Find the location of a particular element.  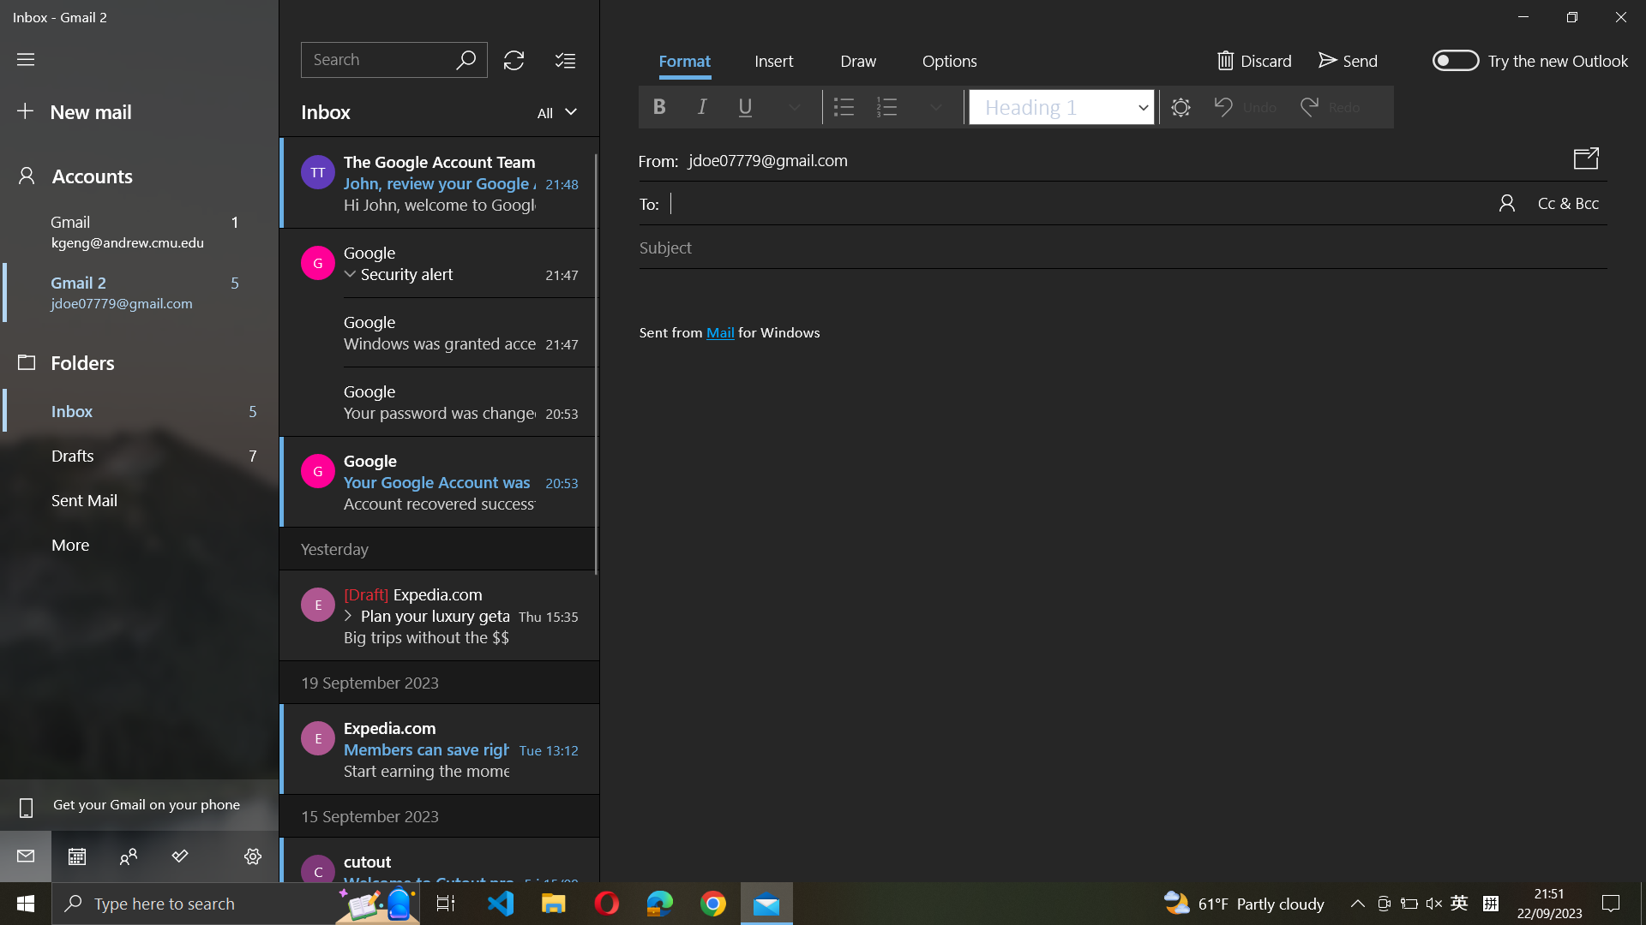

Send email is located at coordinates (1347, 57).